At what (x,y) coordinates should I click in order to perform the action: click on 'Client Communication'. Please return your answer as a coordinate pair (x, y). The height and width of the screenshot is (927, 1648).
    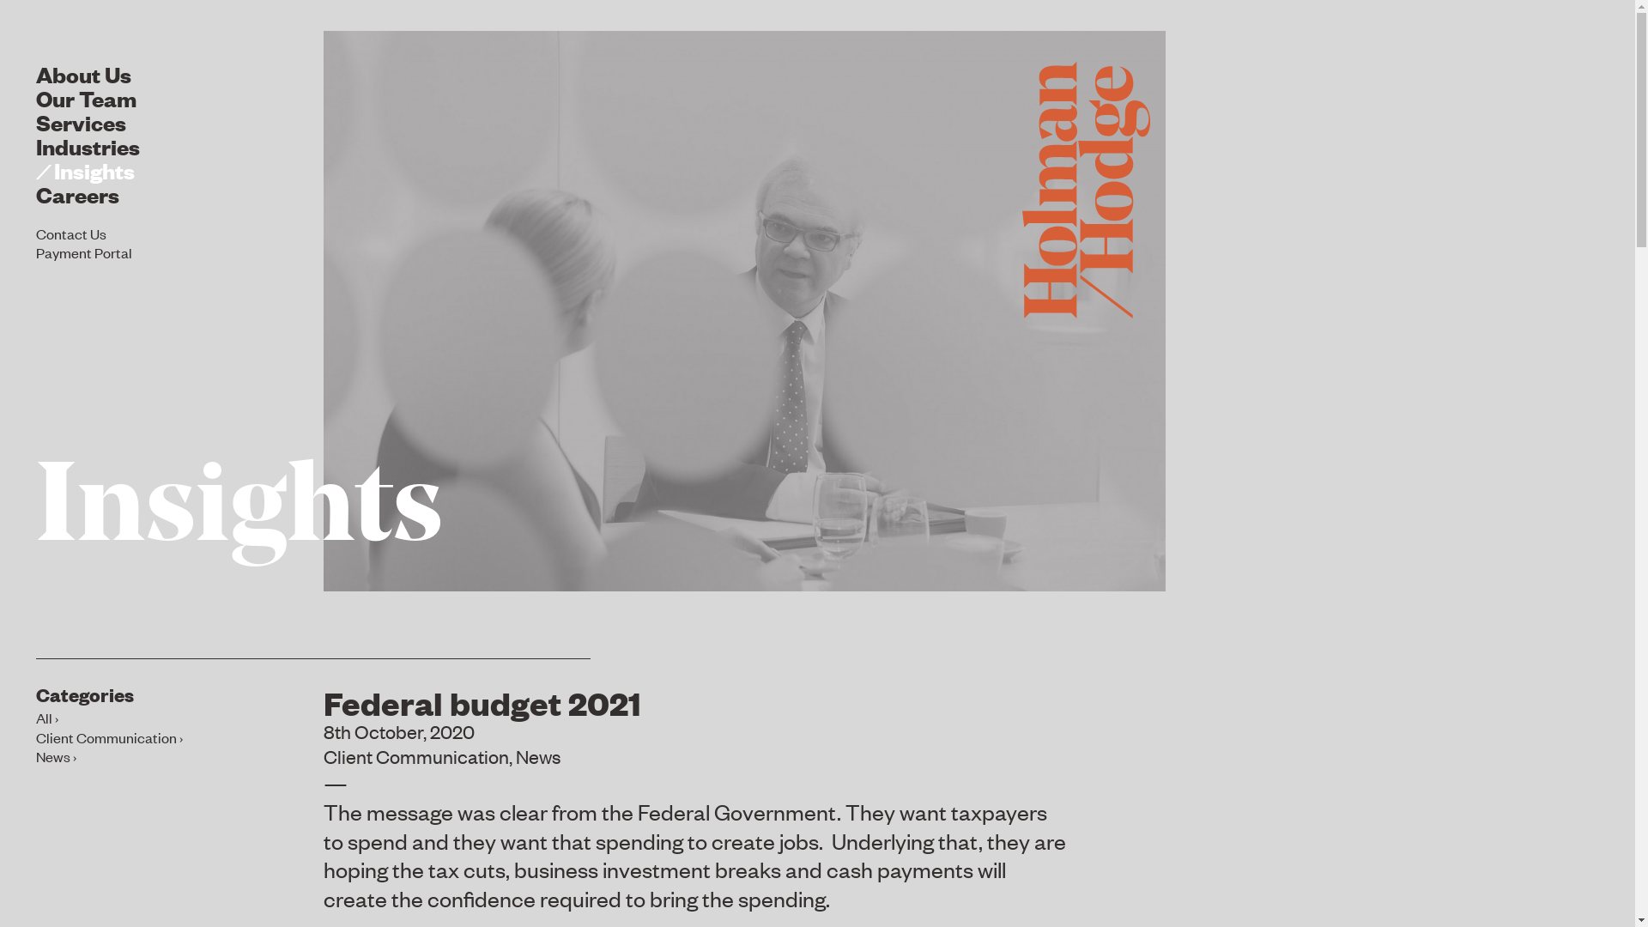
    Looking at the image, I should click on (415, 754).